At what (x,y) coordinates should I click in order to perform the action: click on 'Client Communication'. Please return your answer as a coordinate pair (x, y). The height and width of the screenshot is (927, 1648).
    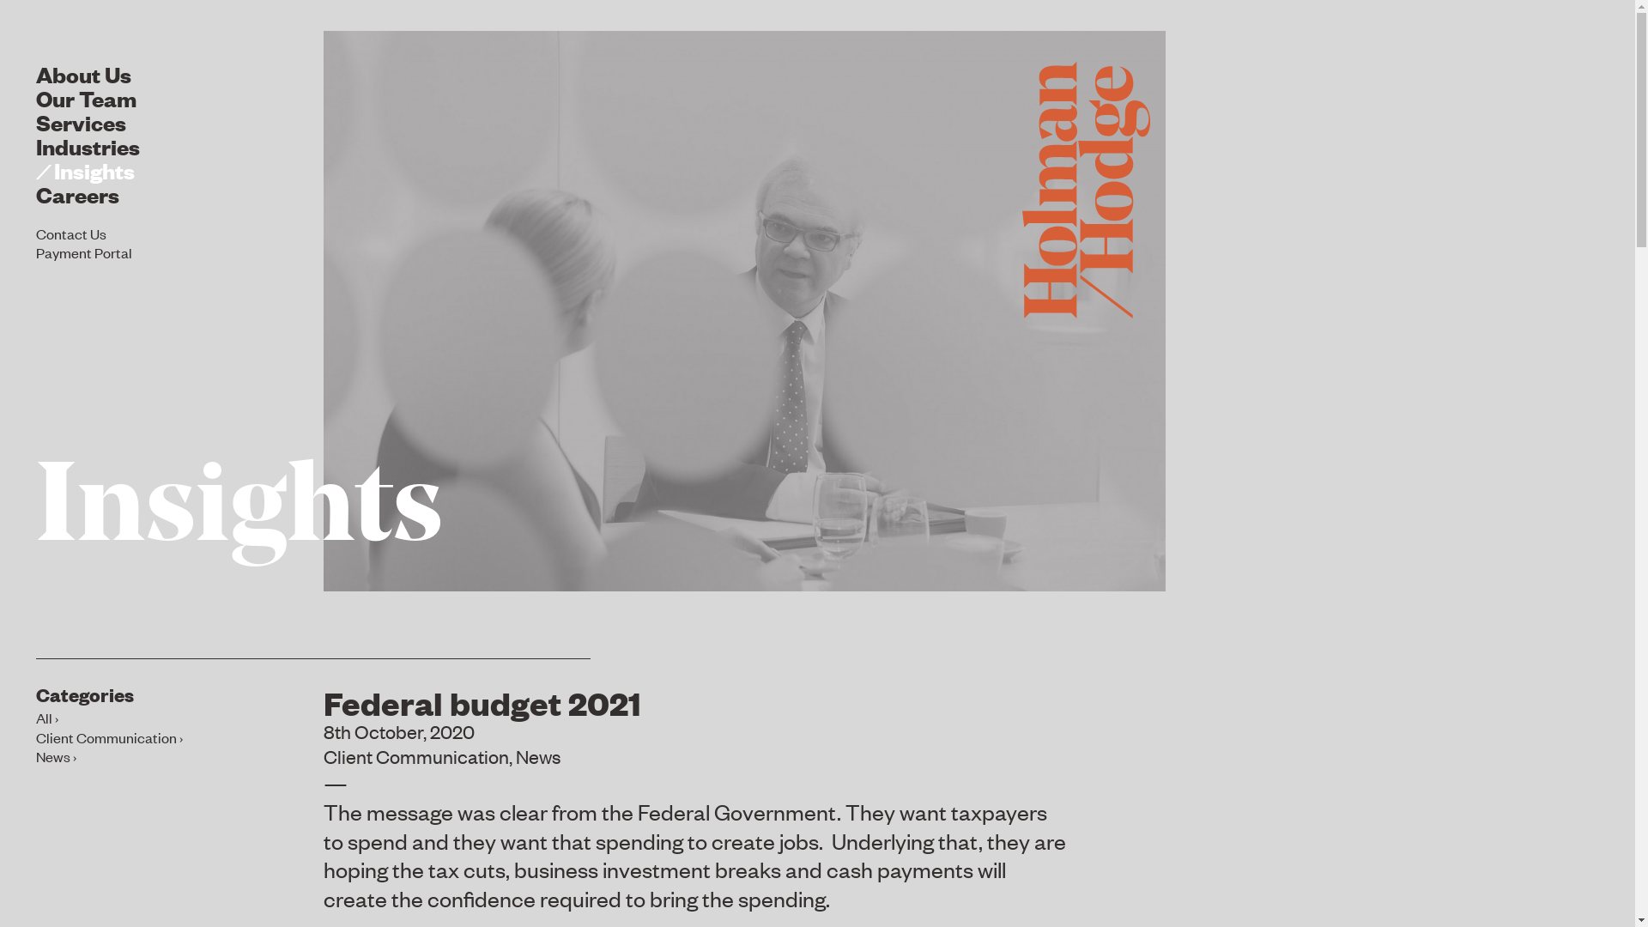
    Looking at the image, I should click on (415, 754).